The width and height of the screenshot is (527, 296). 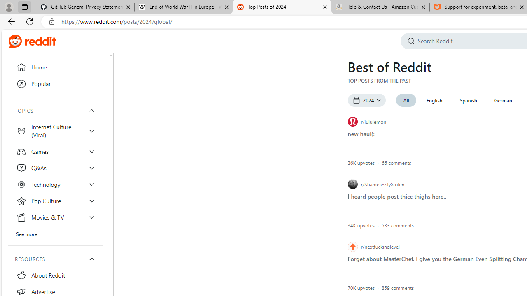 I want to click on 'All', so click(x=406, y=100).